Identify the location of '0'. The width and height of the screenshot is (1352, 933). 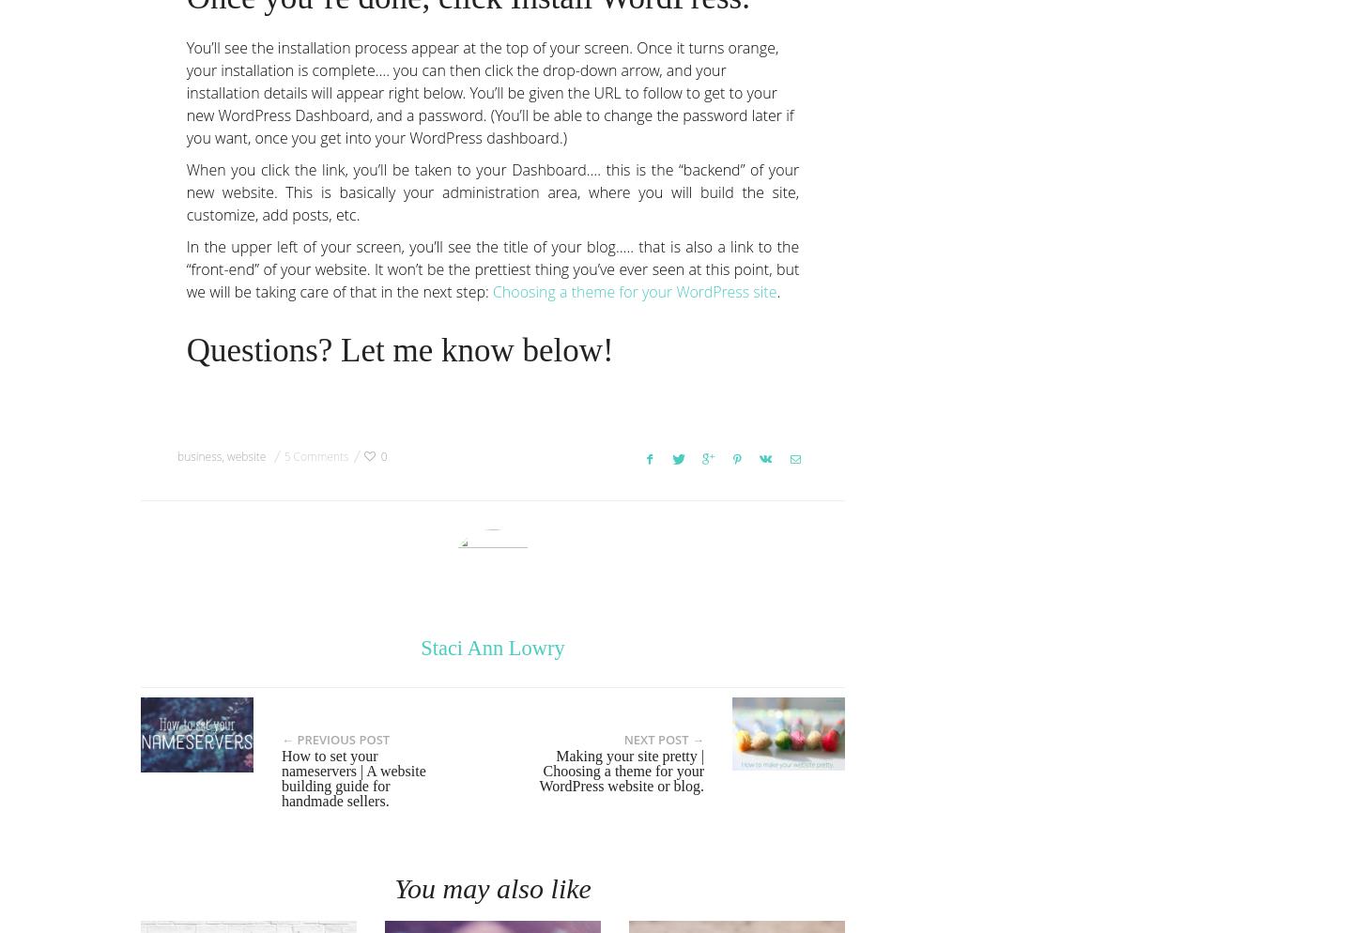
(382, 454).